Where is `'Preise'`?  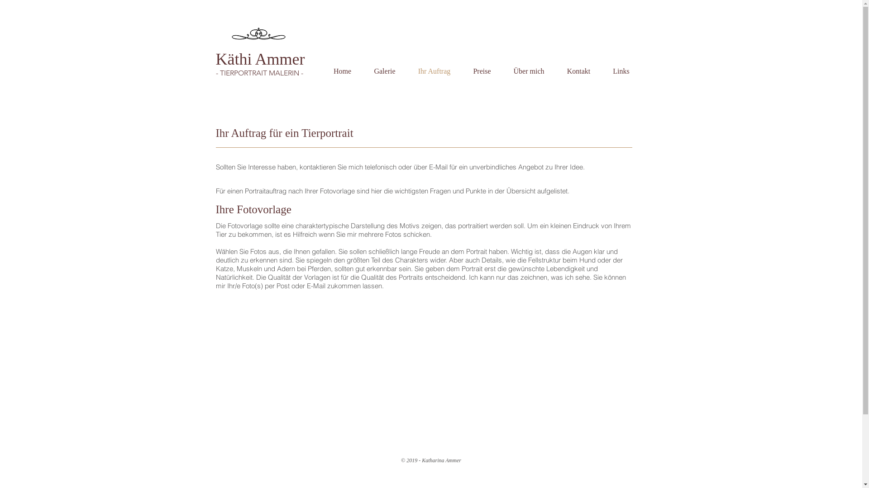
'Preise' is located at coordinates (461, 71).